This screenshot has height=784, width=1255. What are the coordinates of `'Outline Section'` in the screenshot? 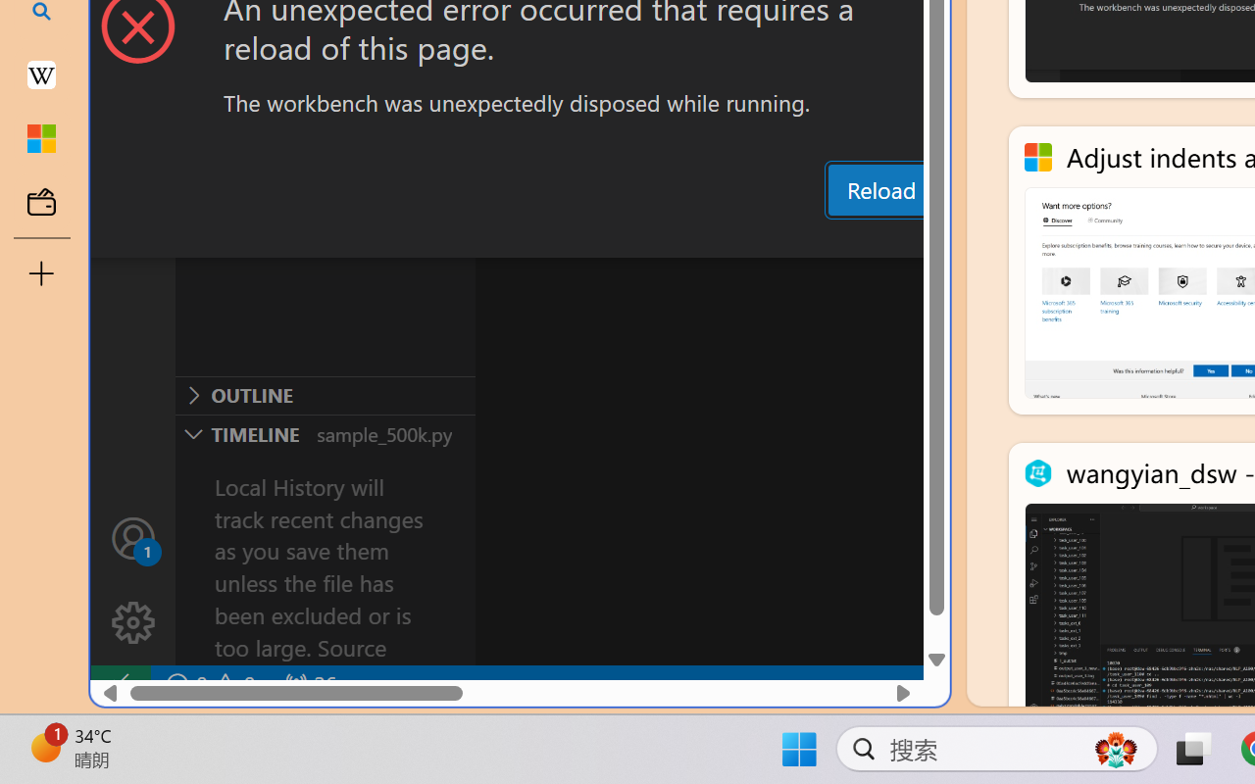 It's located at (325, 395).